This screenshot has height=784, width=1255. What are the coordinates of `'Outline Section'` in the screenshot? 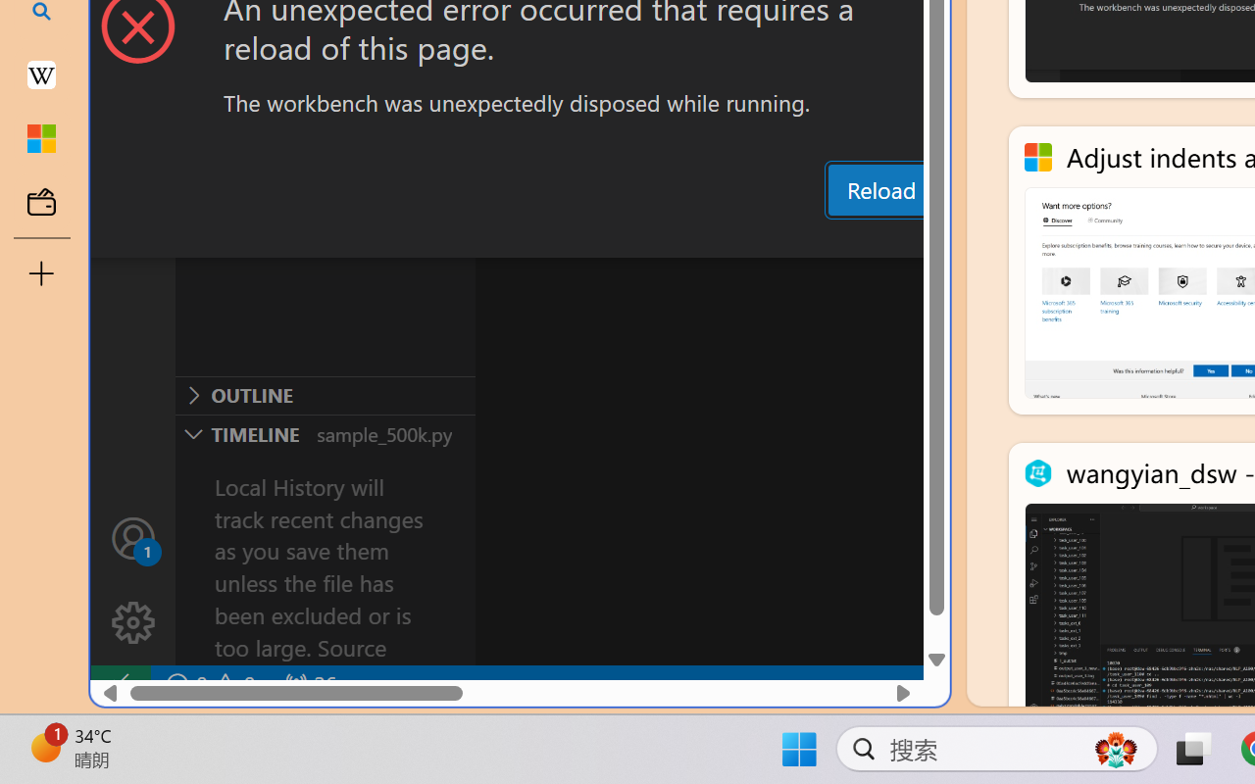 It's located at (325, 395).